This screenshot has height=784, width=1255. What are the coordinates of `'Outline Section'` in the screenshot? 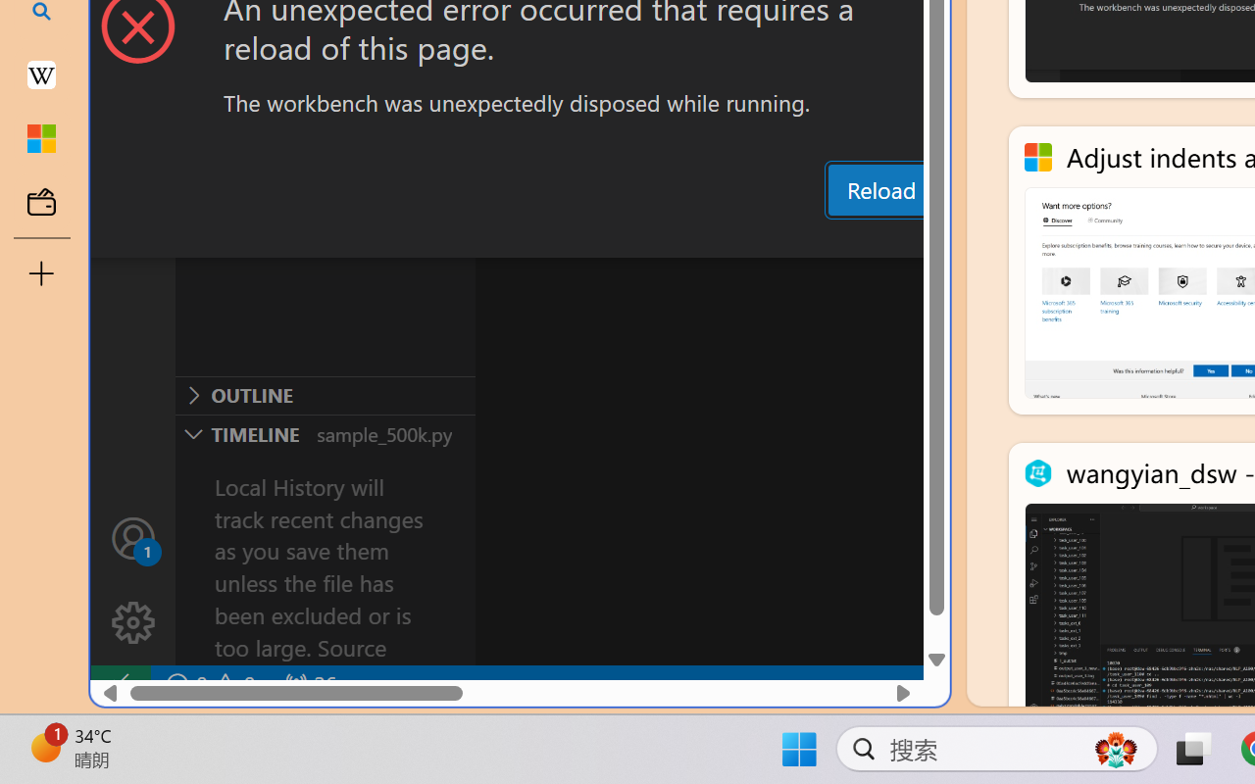 It's located at (325, 395).